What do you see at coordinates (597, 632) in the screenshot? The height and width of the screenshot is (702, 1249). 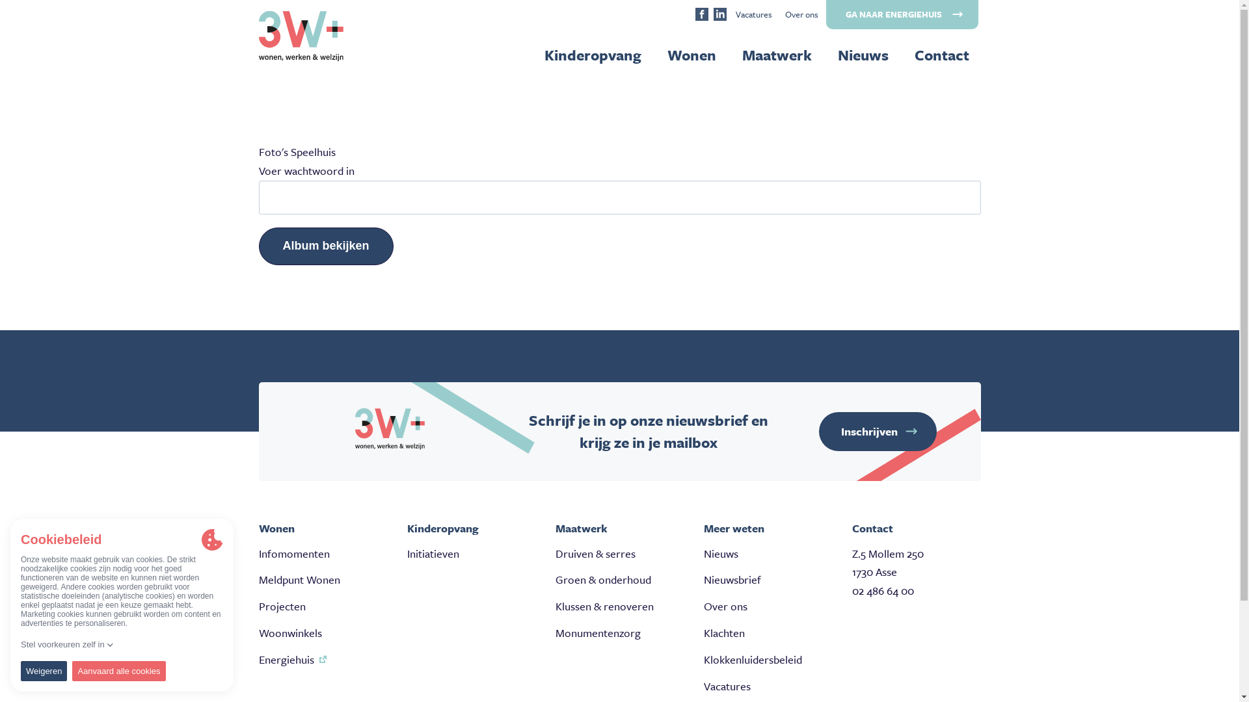 I see `'Monumentenzorg'` at bounding box center [597, 632].